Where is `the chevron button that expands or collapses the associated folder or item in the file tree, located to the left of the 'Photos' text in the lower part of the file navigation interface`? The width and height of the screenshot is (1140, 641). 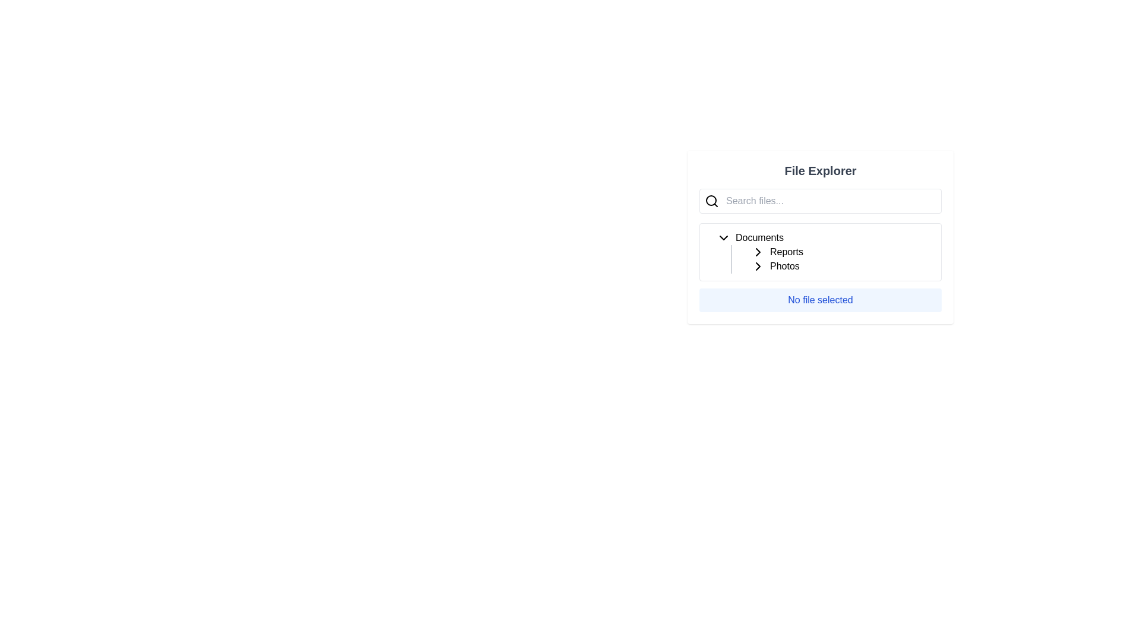 the chevron button that expands or collapses the associated folder or item in the file tree, located to the left of the 'Photos' text in the lower part of the file navigation interface is located at coordinates (757, 265).